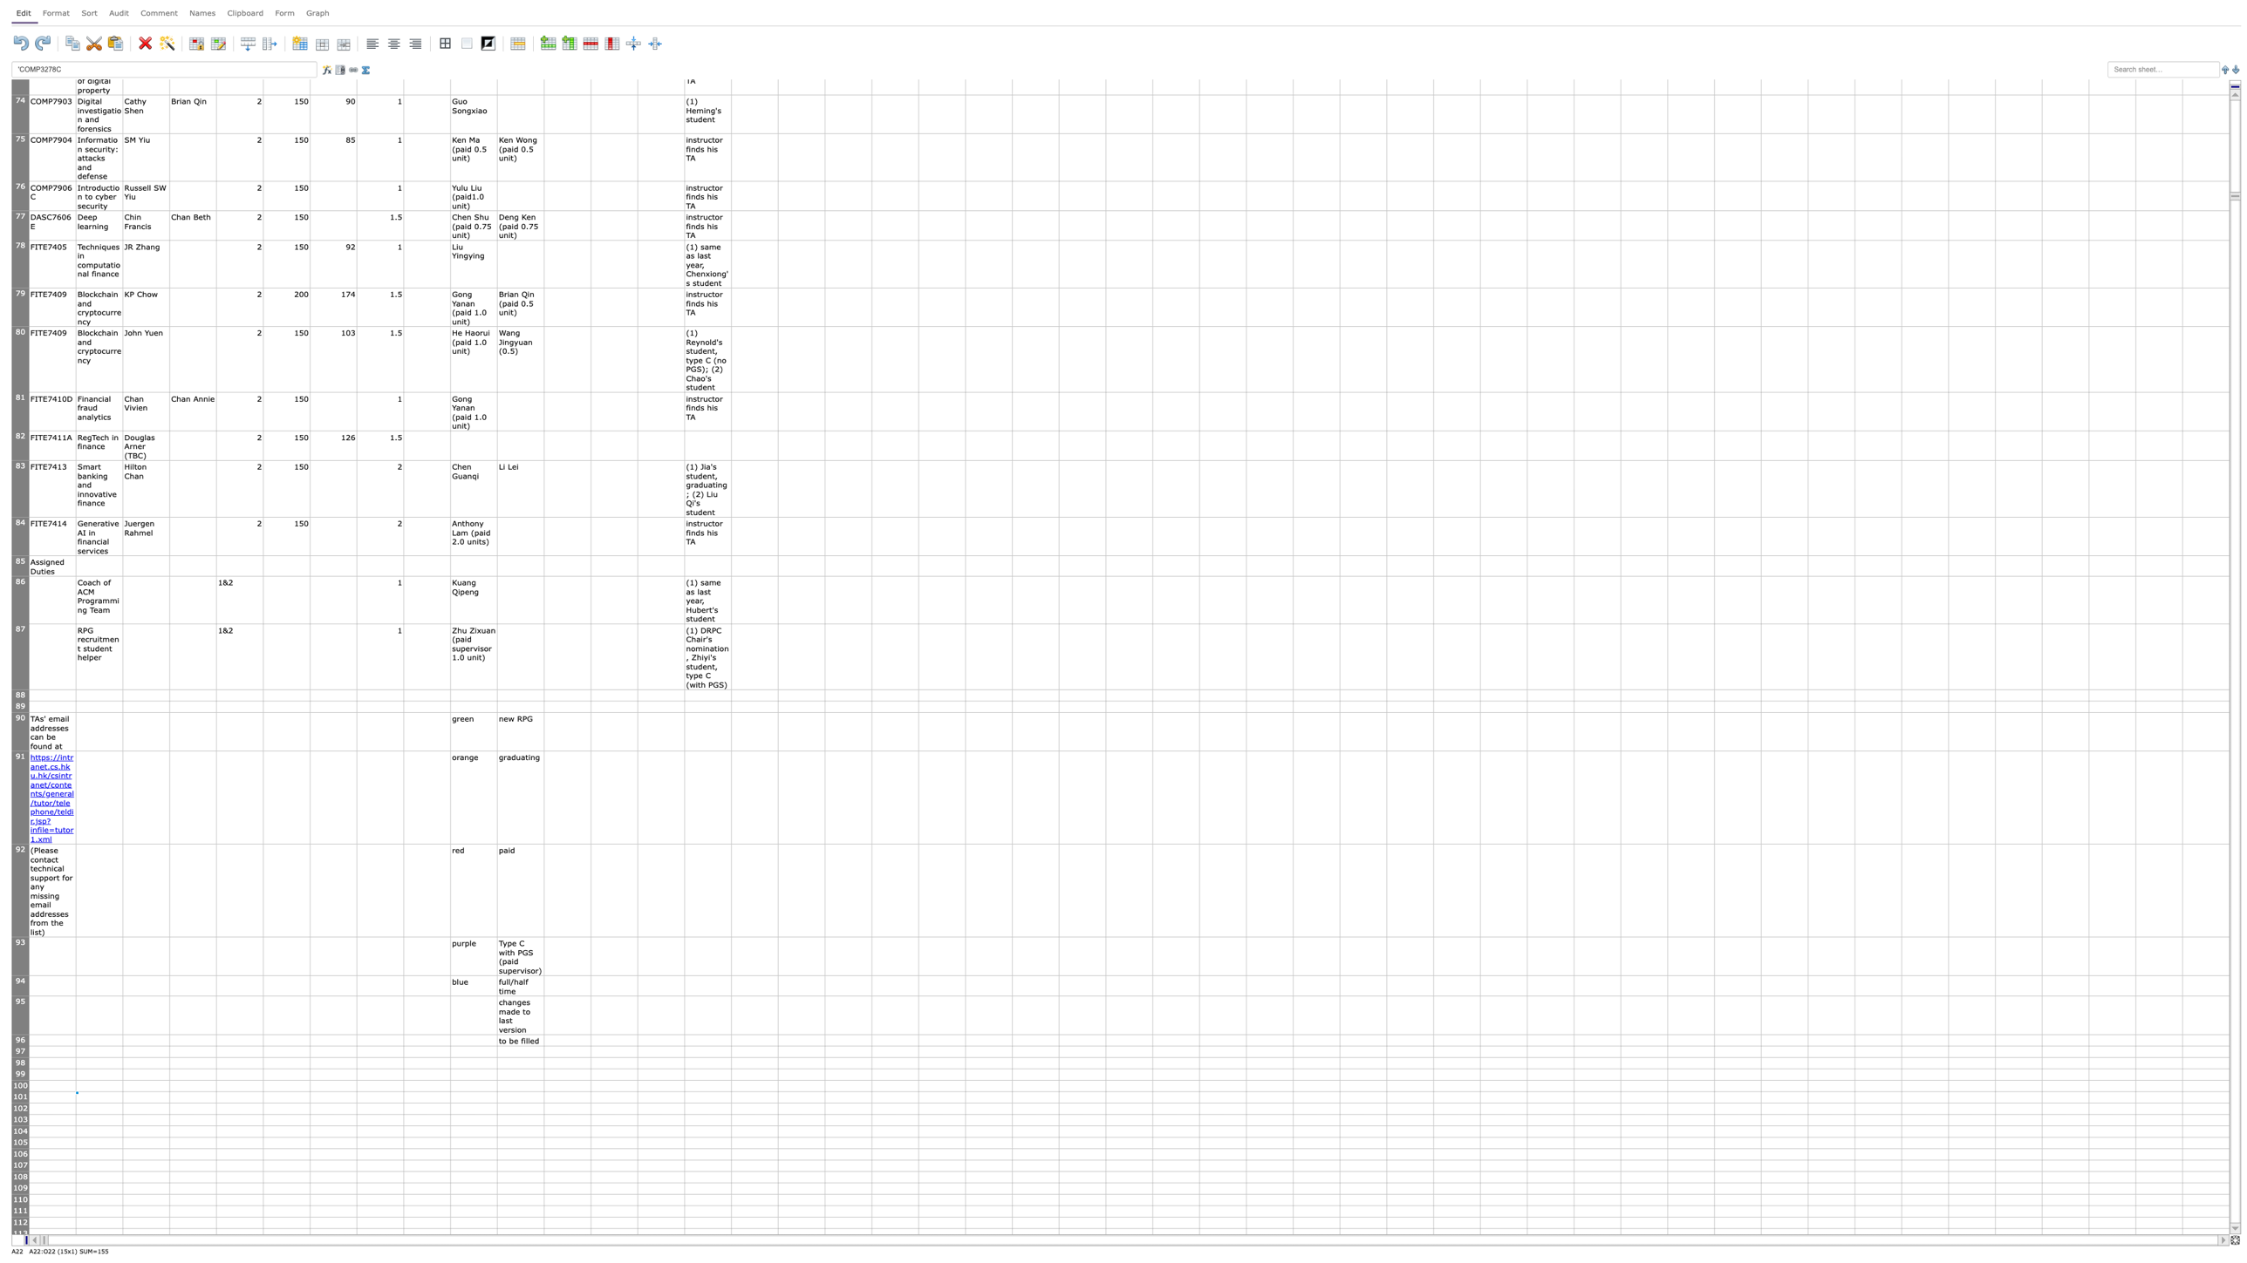  I want to click on the bottom edge of header of row 98, for next step resizing the row, so click(20, 1069).